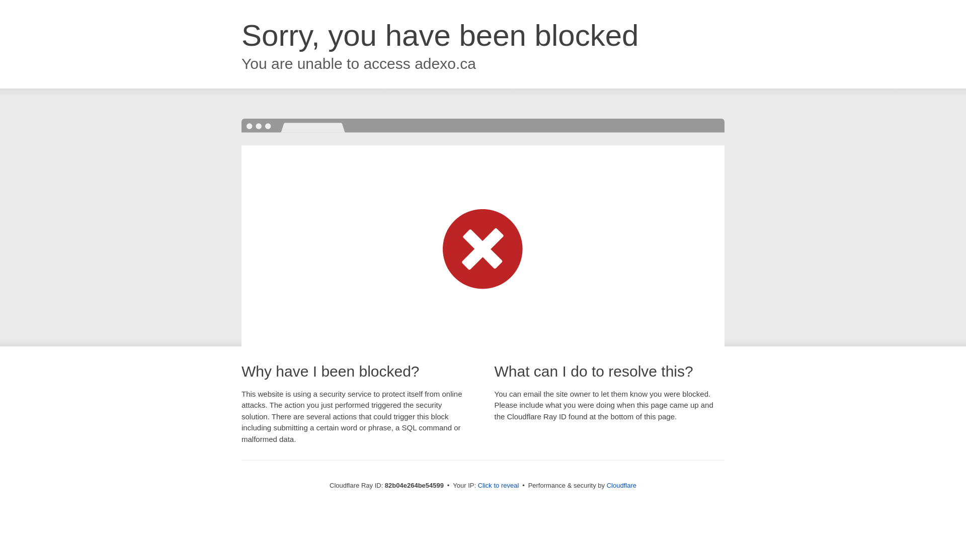 The image size is (966, 543). What do you see at coordinates (498, 485) in the screenshot?
I see `'Click to reveal'` at bounding box center [498, 485].